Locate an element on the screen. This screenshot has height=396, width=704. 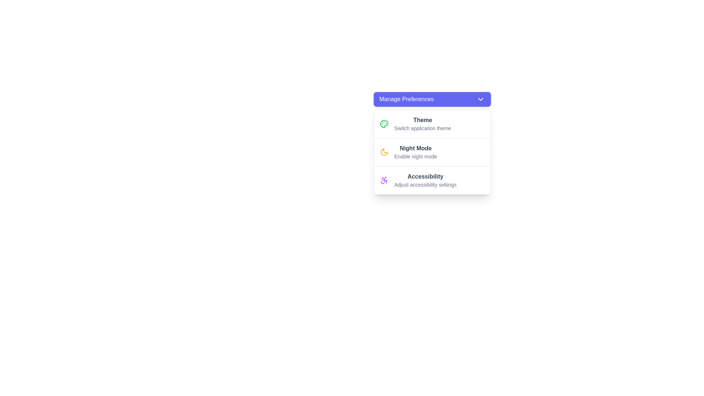
the button at the top of the dropdown interface is located at coordinates (432, 99).